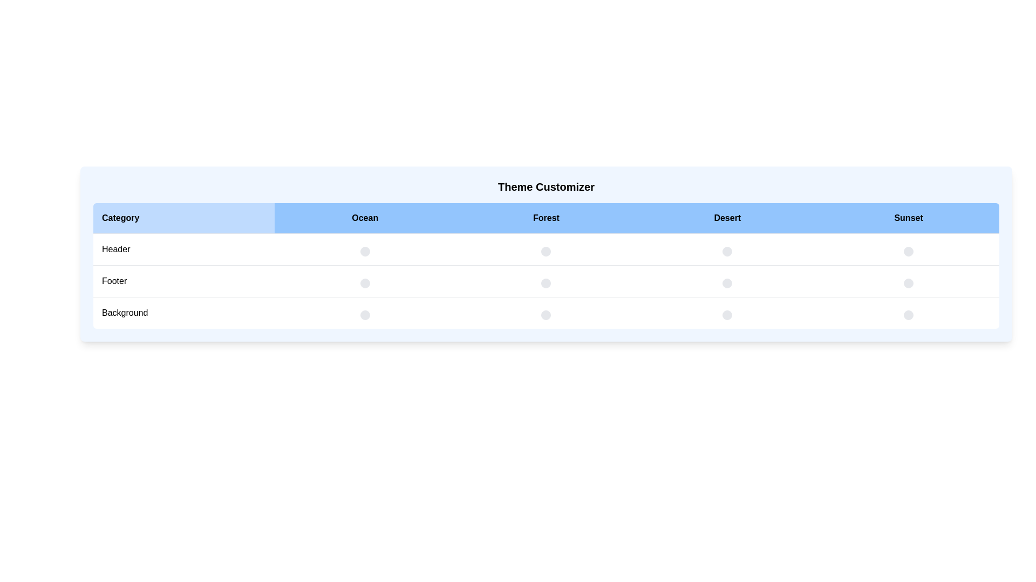  What do you see at coordinates (727, 251) in the screenshot?
I see `the circular button located in the first row of the table beneath the 'Desert' column` at bounding box center [727, 251].